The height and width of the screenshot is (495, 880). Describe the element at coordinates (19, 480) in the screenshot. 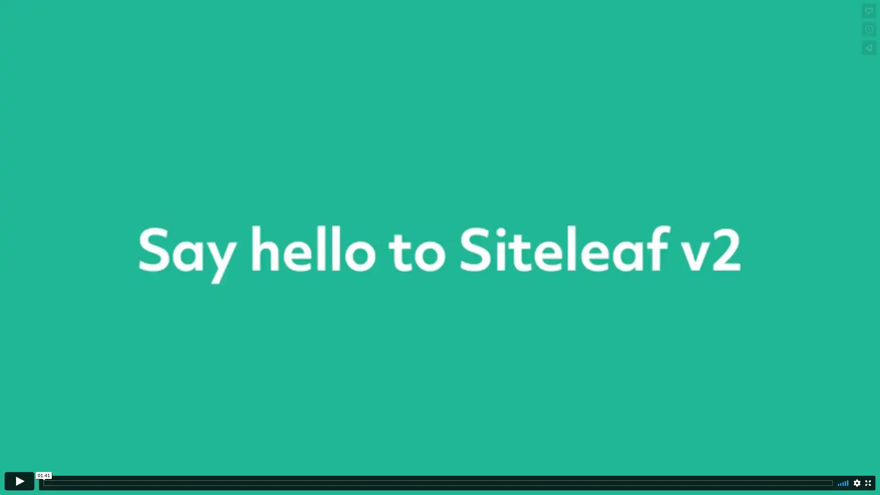

I see `Play` at that location.